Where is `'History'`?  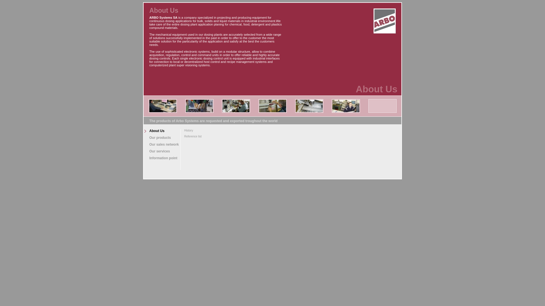 'History' is located at coordinates (192, 130).